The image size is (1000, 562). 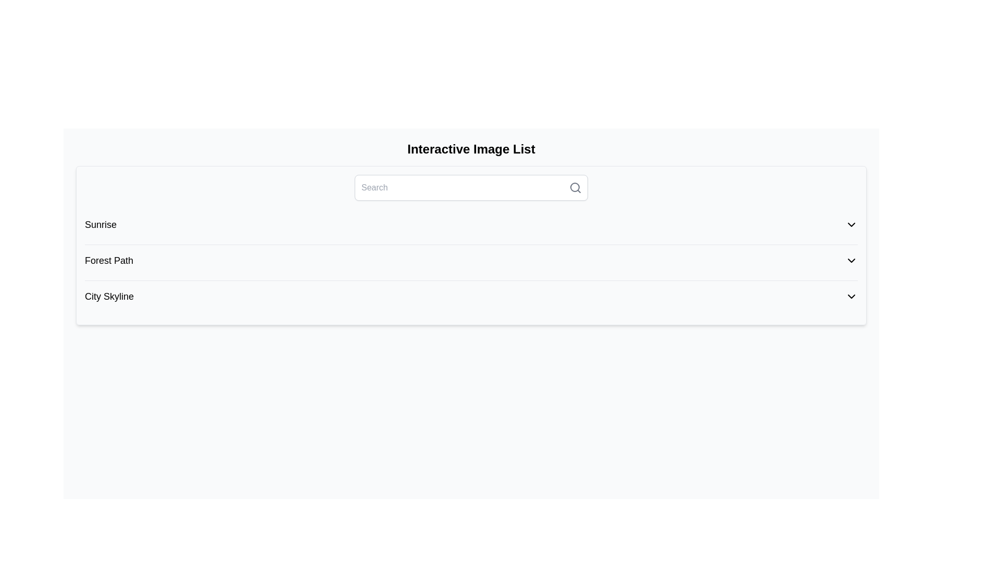 I want to click on the expandable list item button located at the bottom of the list, which is horizontally centered and represents the 'City Skyline' entry, so click(x=471, y=297).